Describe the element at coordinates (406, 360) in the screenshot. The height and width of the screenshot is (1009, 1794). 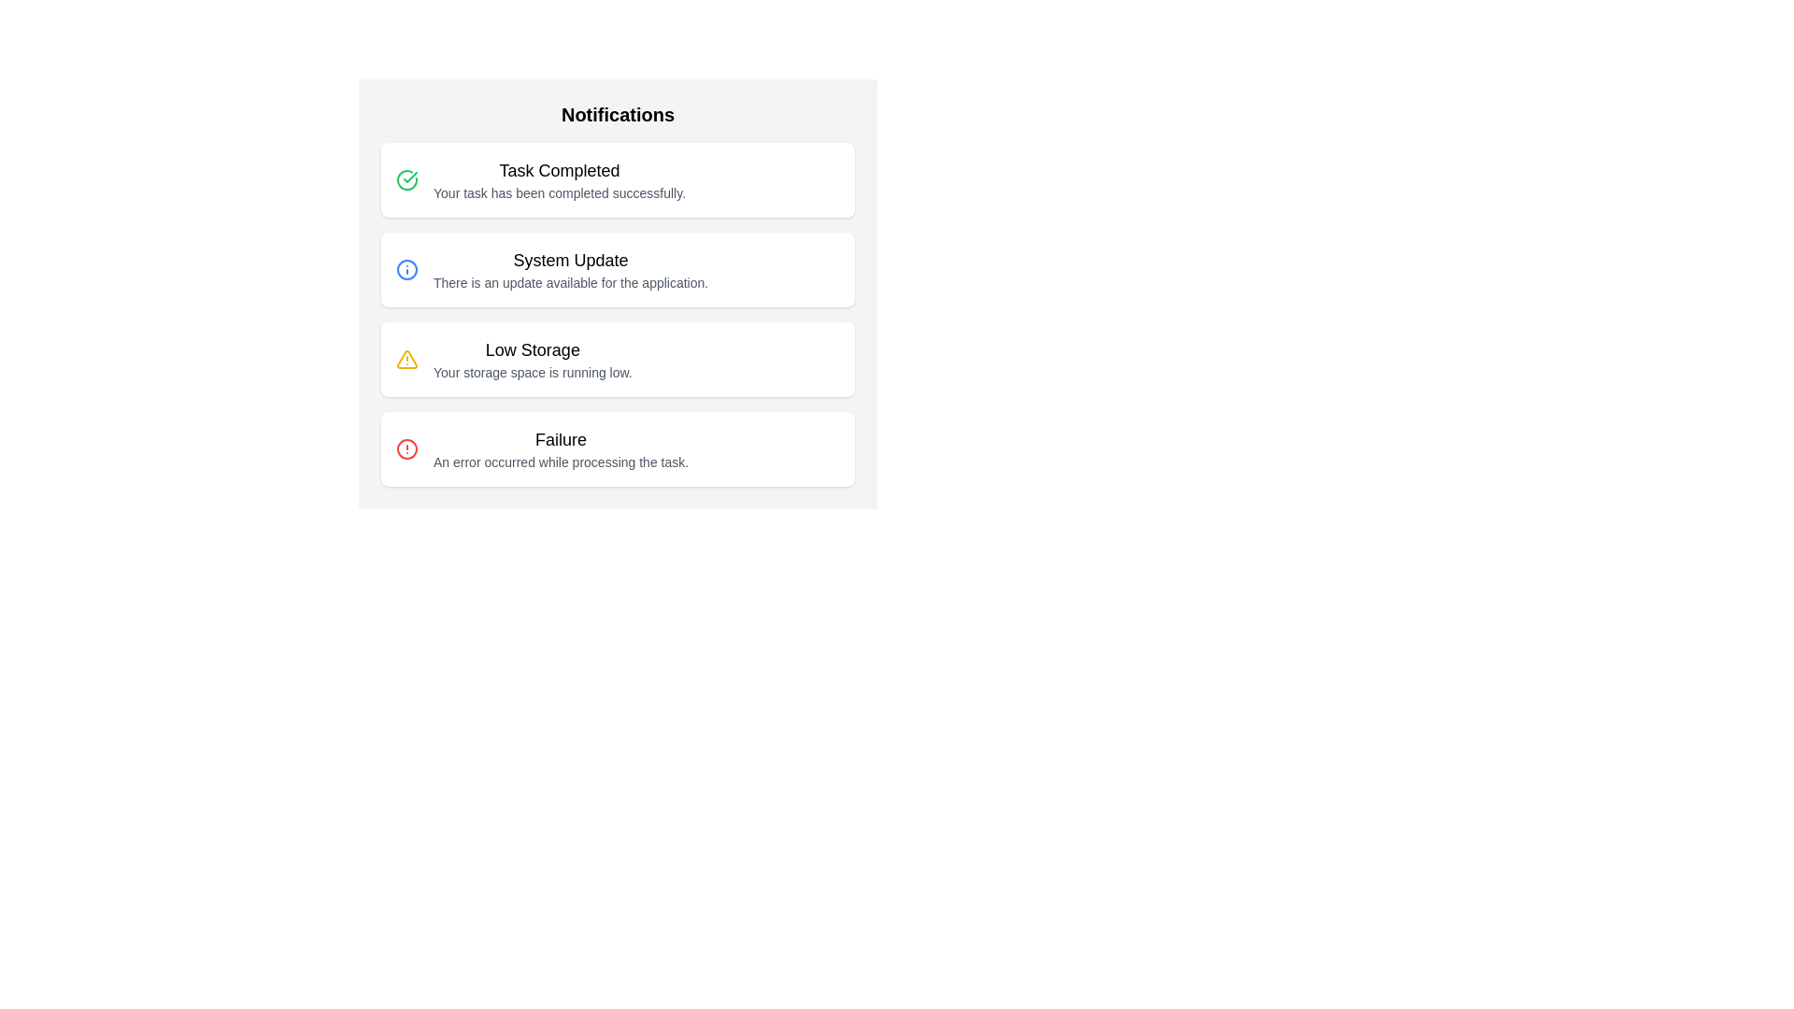
I see `the triangular warning icon with a yellow border and centered exclamation mark, located to the left of the 'Low Storage' title in the notification card` at that location.